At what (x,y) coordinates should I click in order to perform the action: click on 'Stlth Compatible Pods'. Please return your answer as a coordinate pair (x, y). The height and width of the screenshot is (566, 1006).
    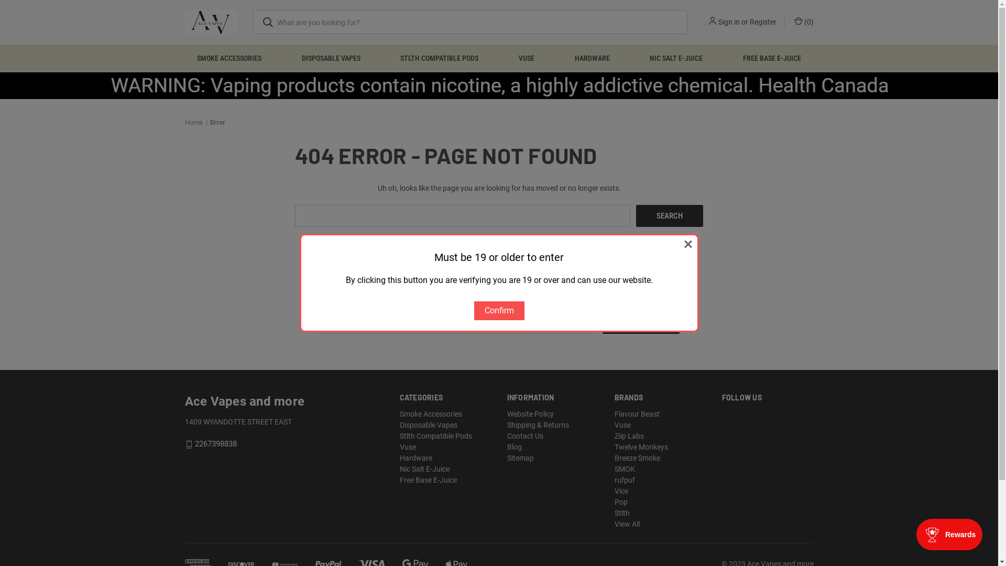
    Looking at the image, I should click on (435, 436).